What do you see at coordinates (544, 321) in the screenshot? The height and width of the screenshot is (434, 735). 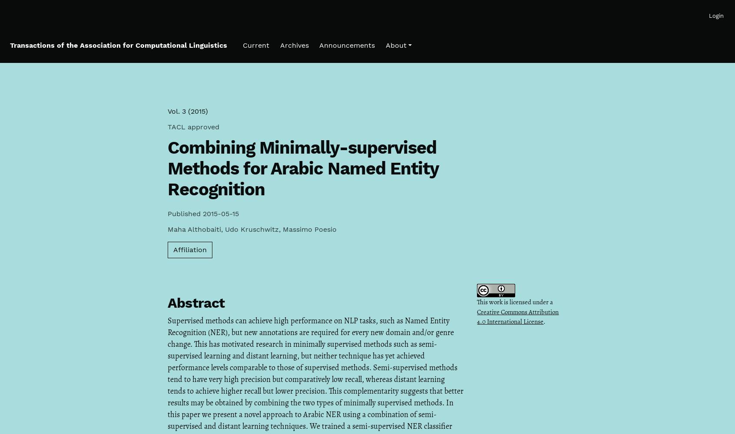 I see `'.'` at bounding box center [544, 321].